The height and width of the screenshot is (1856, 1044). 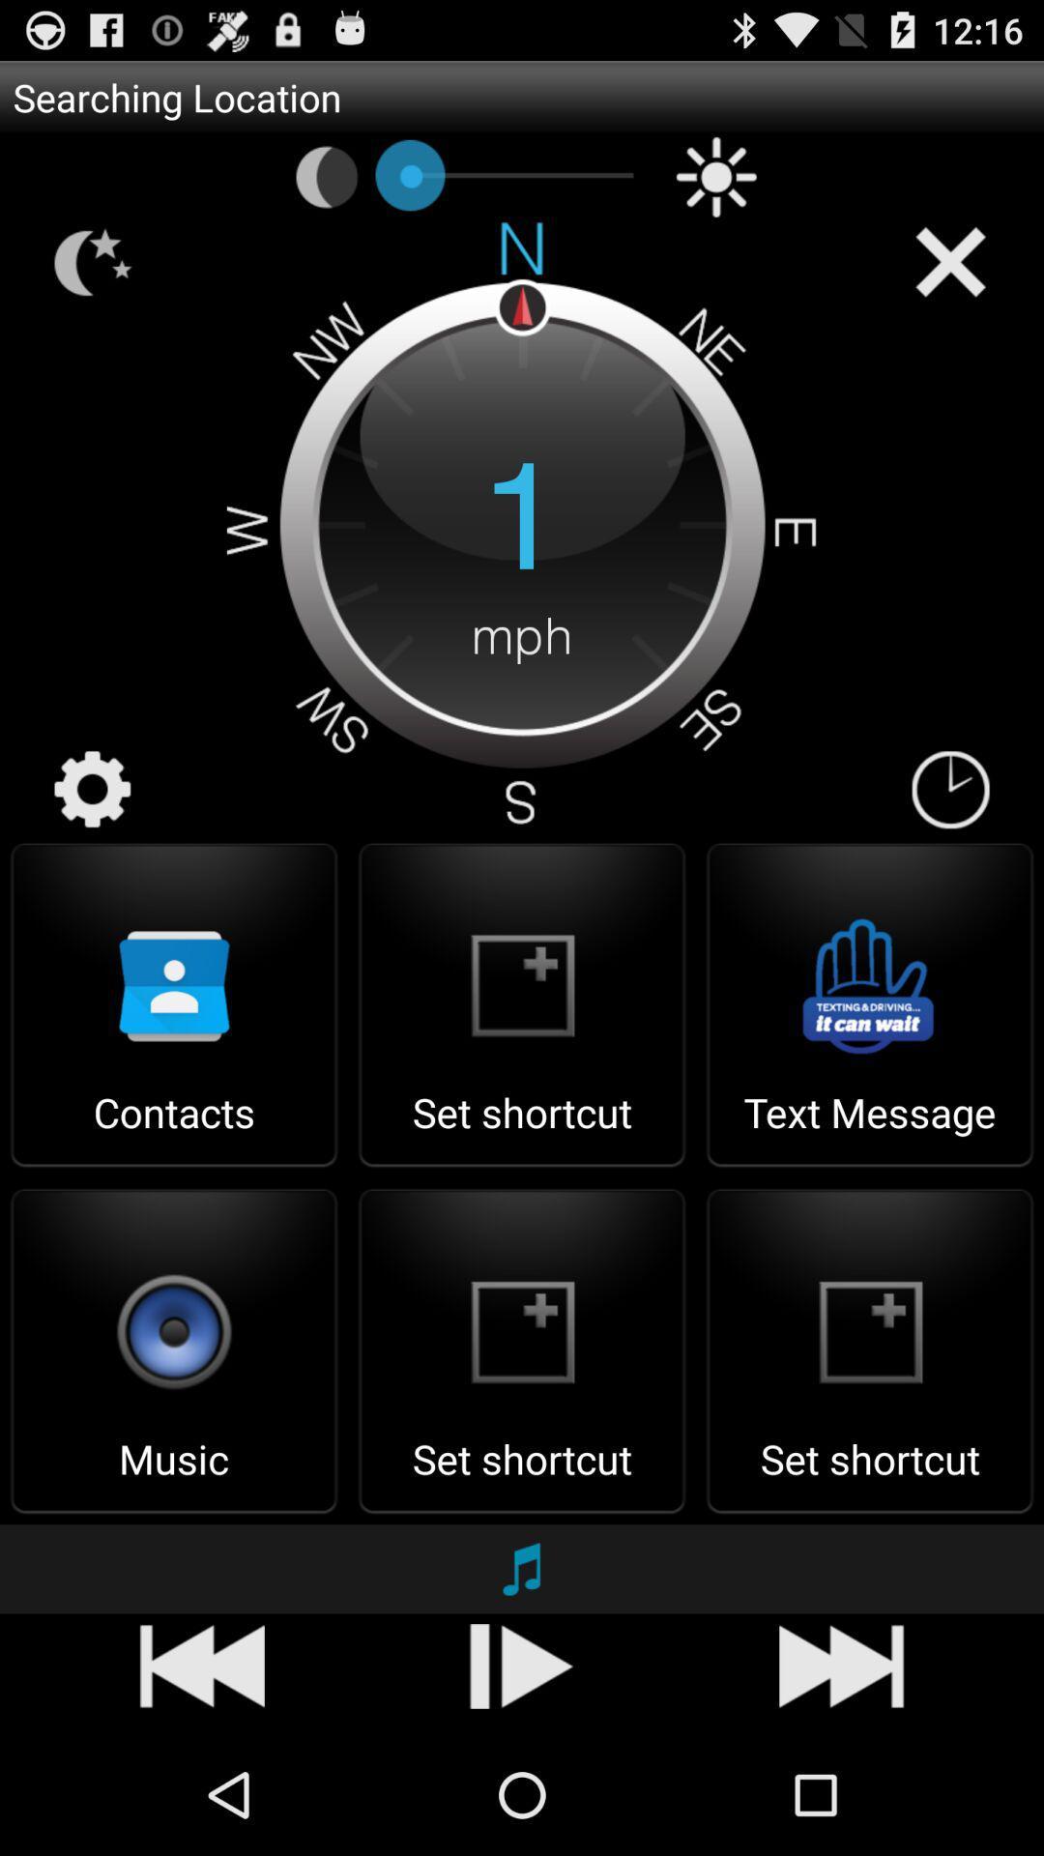 What do you see at coordinates (326, 177) in the screenshot?
I see `icon below the searching location app` at bounding box center [326, 177].